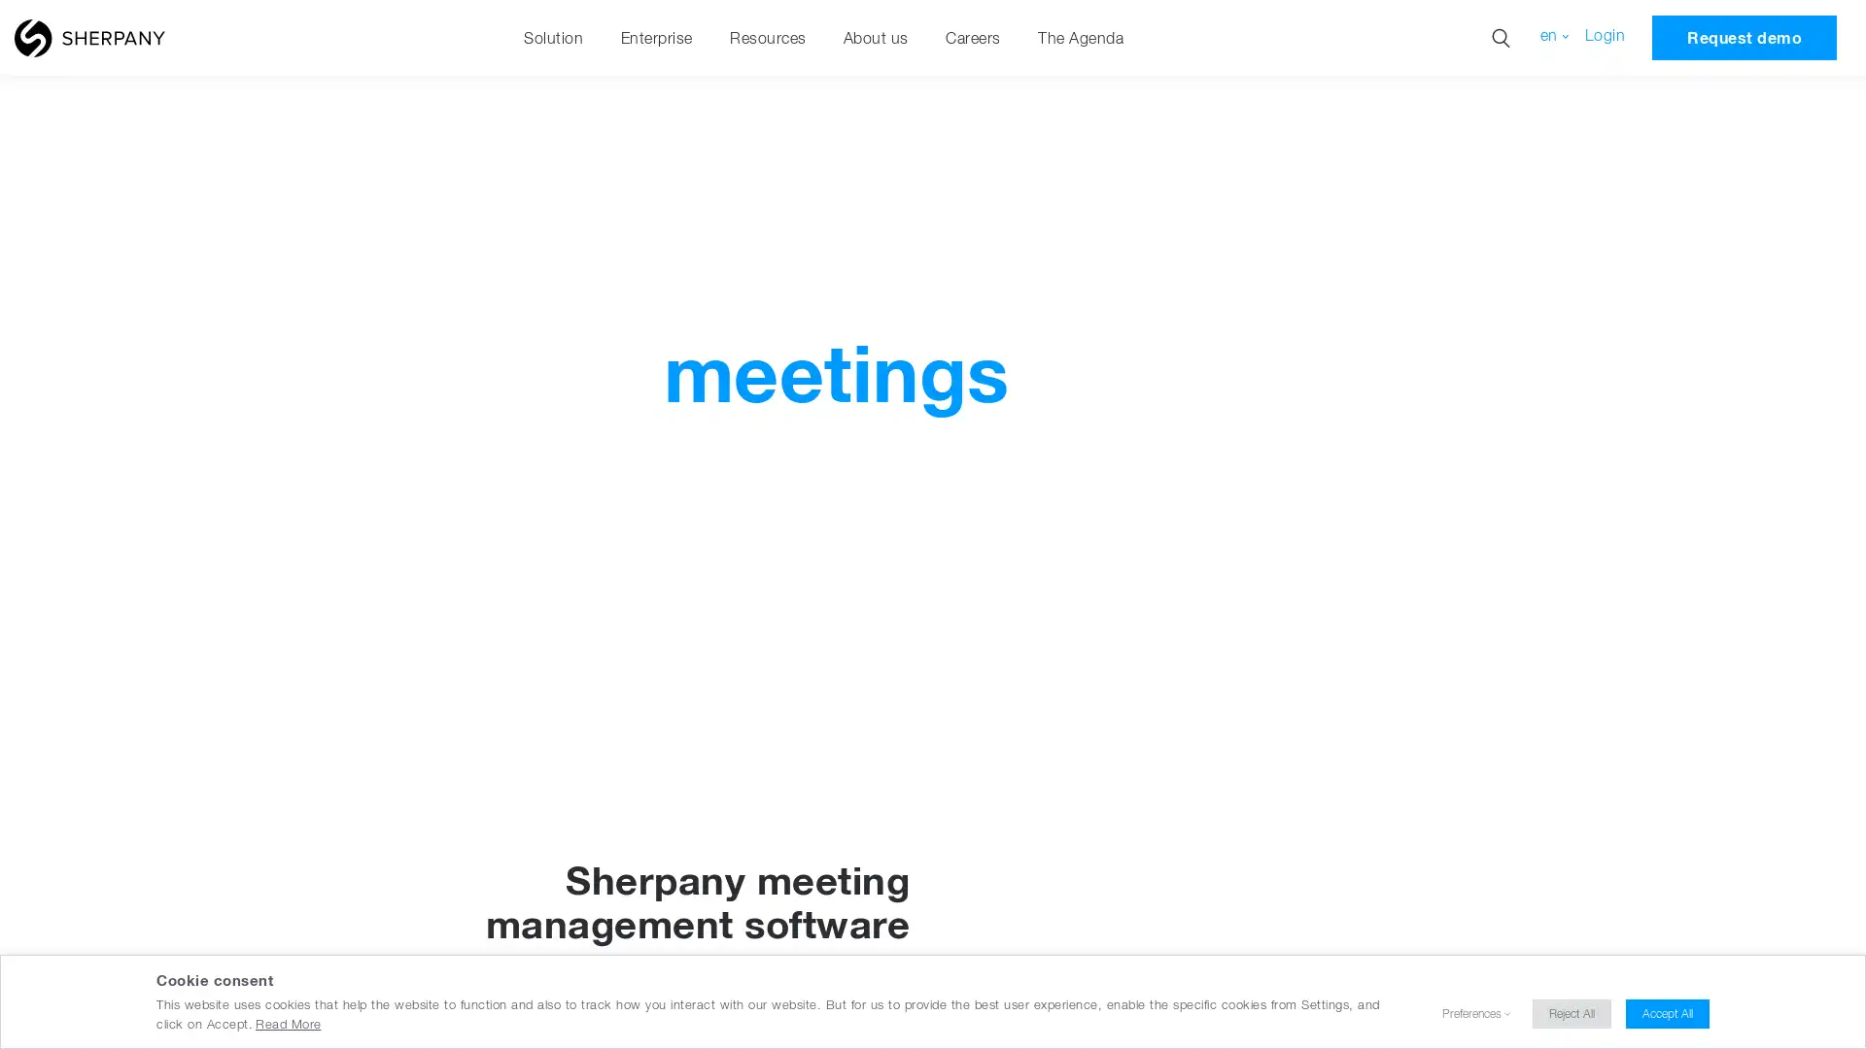 The height and width of the screenshot is (1049, 1866). What do you see at coordinates (1471, 1013) in the screenshot?
I see `Preferences` at bounding box center [1471, 1013].